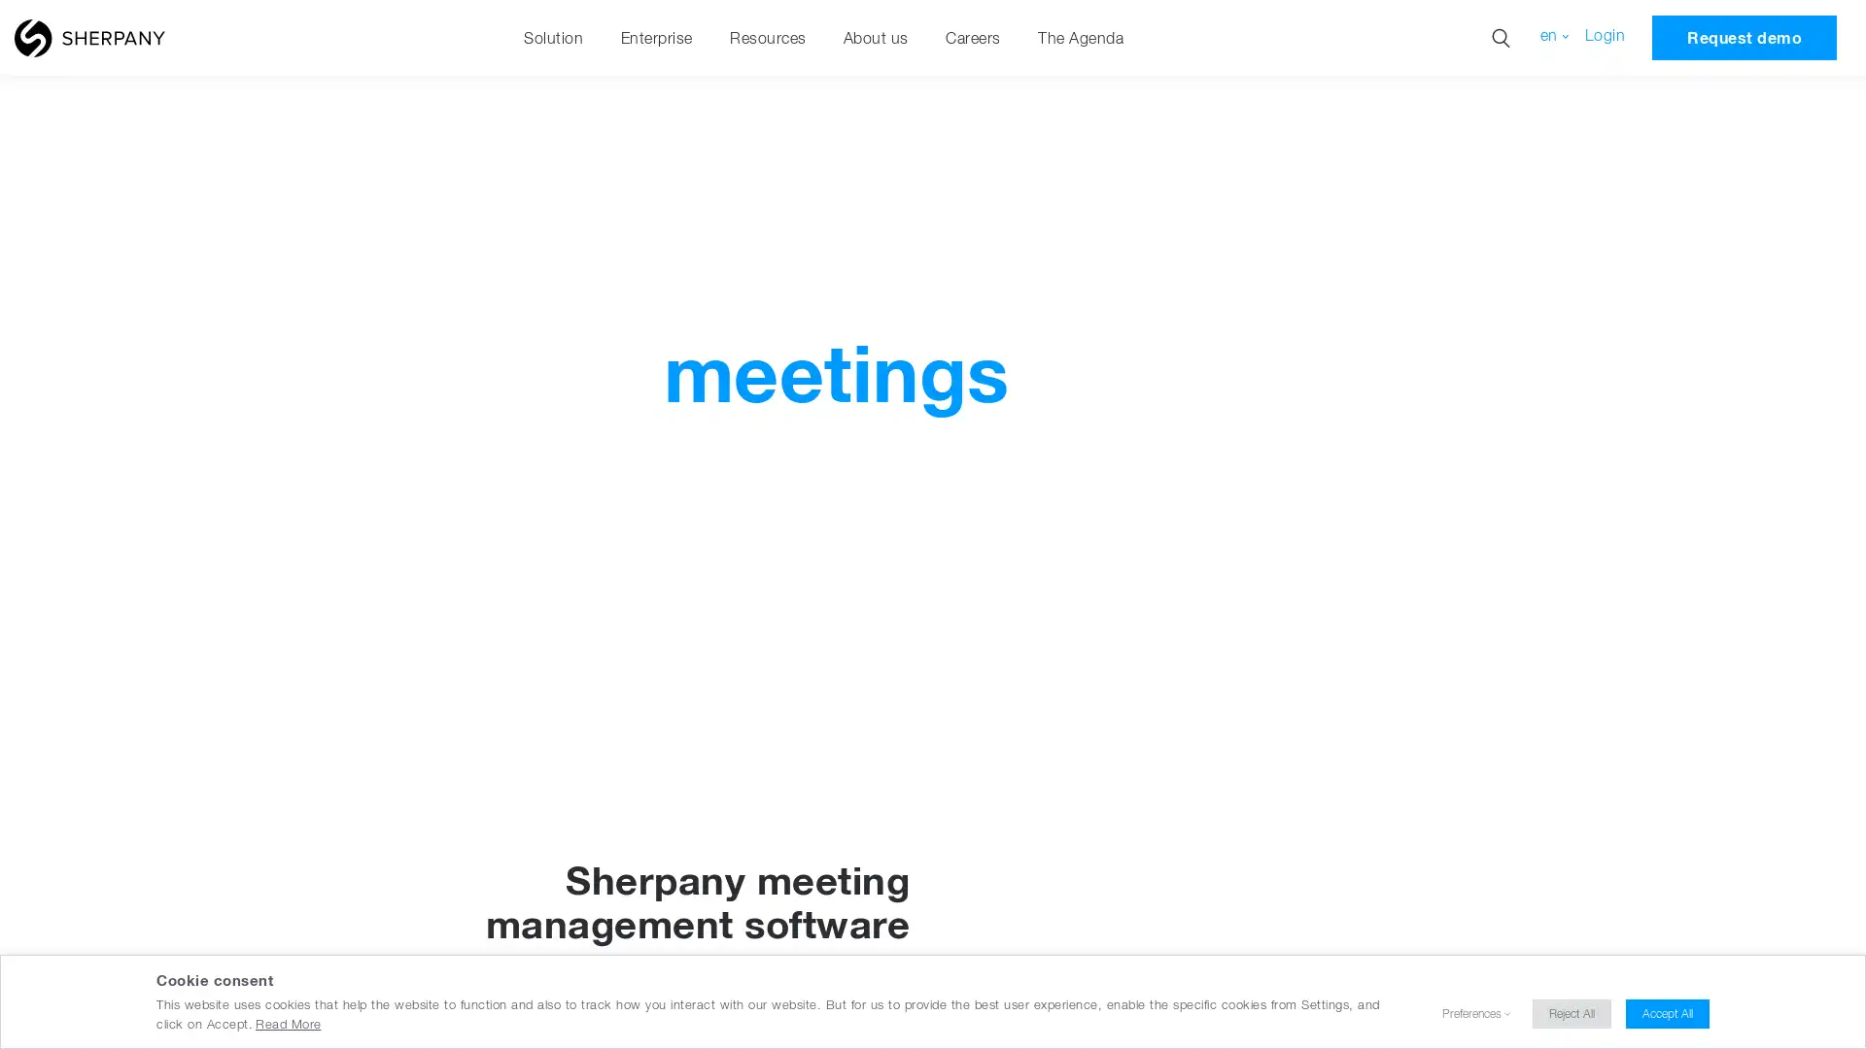 The height and width of the screenshot is (1049, 1866). What do you see at coordinates (1471, 1013) in the screenshot?
I see `Preferences` at bounding box center [1471, 1013].